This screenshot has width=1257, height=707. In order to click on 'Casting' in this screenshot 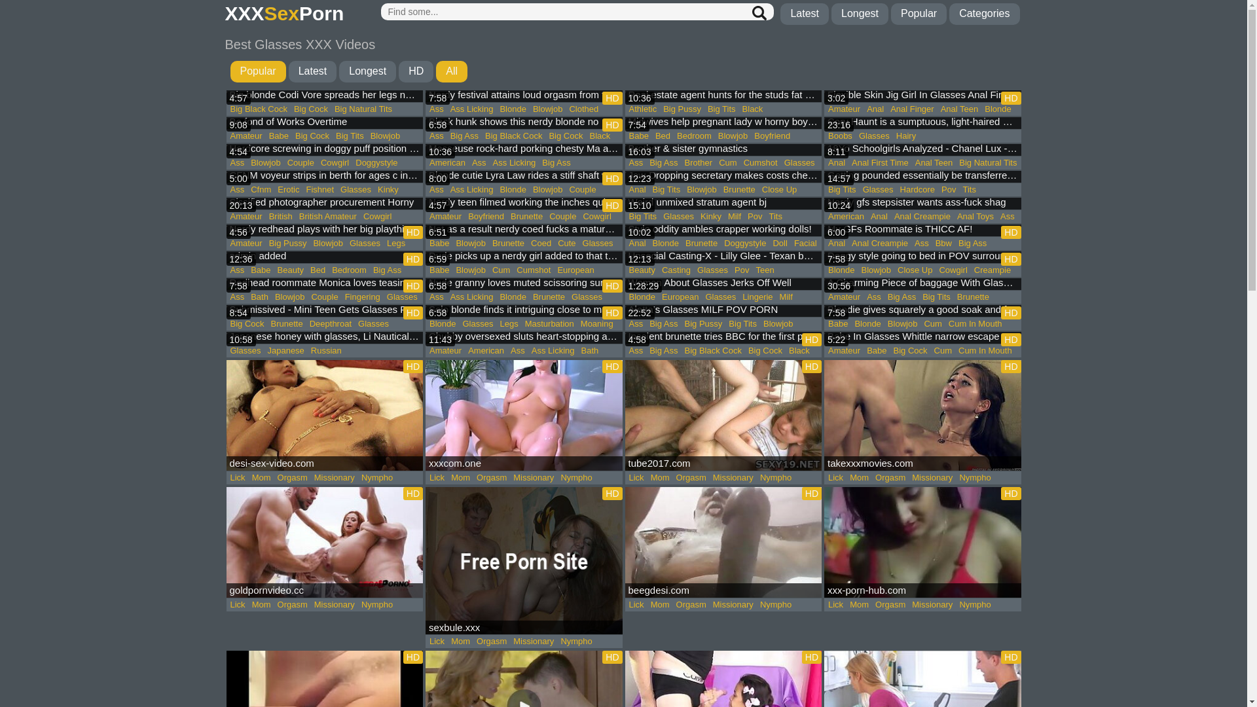, I will do `click(676, 269)`.